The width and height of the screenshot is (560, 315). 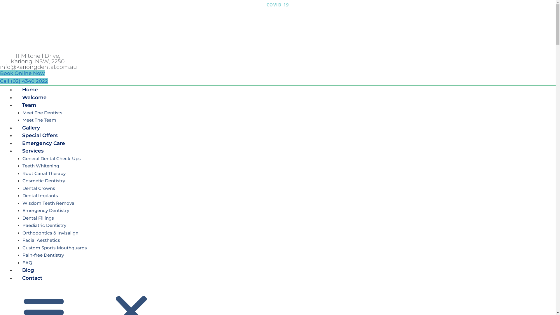 What do you see at coordinates (43, 255) in the screenshot?
I see `'Pain-free Dentistry'` at bounding box center [43, 255].